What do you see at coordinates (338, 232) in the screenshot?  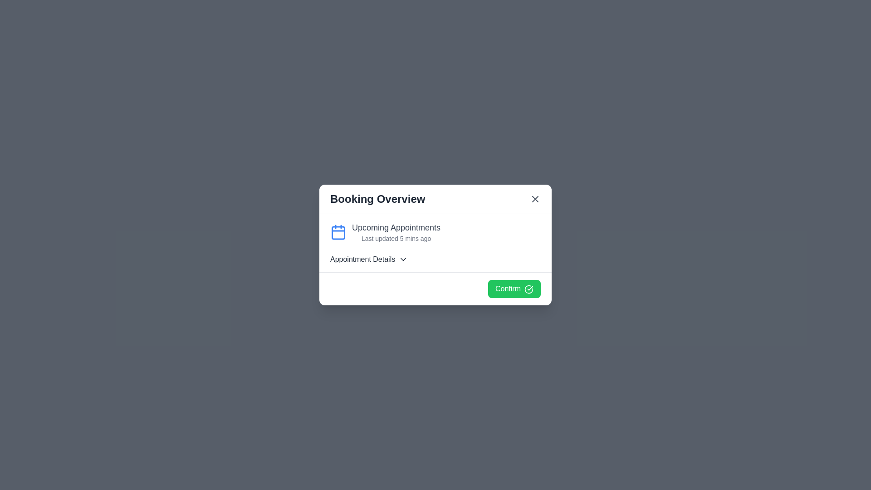 I see `calendar icon located in the top-left part of the 'Booking Overview' panel, which is next to the 'Upcoming Appointments' text` at bounding box center [338, 232].